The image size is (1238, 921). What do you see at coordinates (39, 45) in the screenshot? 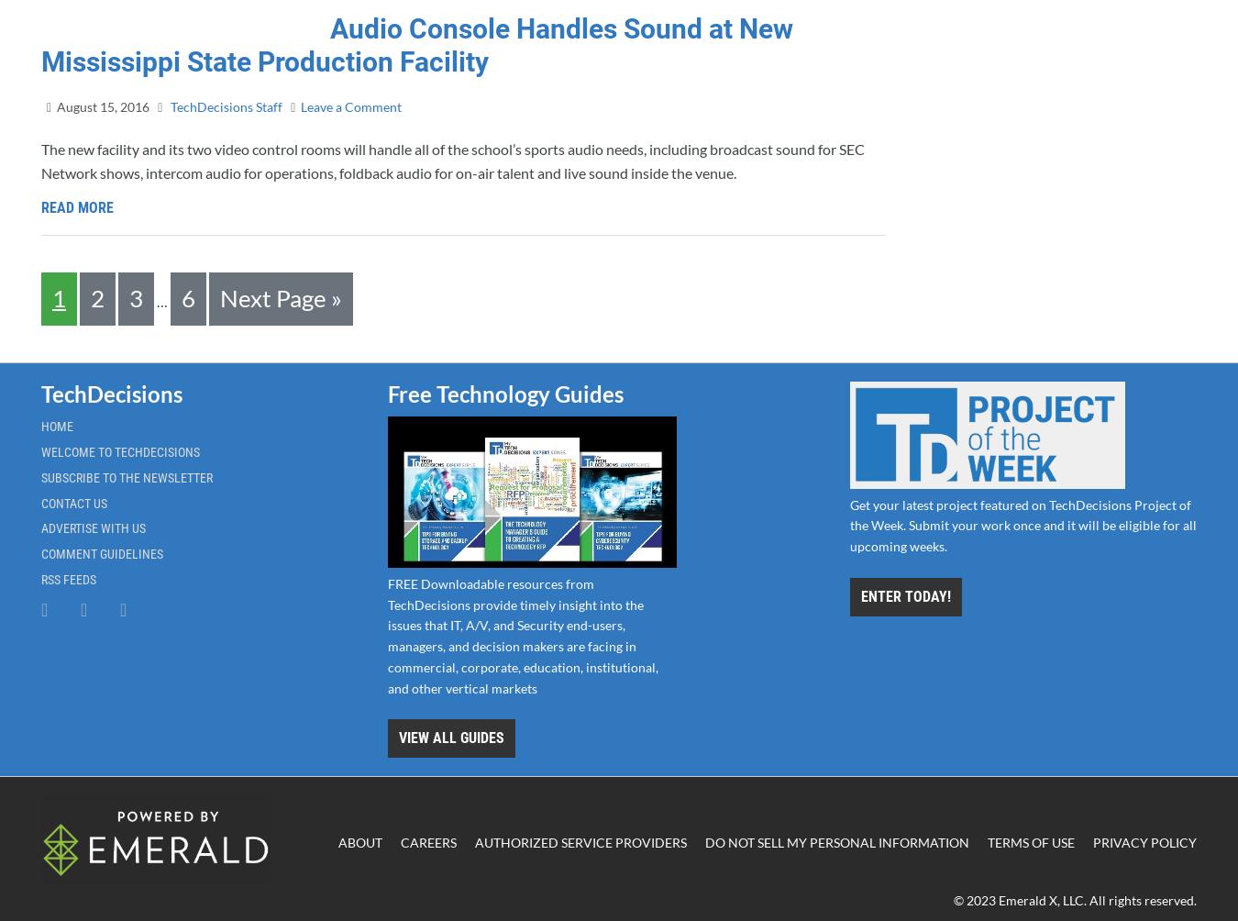
I see `'Audio Console Handles Sound at New Mississippi State Production Facility'` at bounding box center [39, 45].